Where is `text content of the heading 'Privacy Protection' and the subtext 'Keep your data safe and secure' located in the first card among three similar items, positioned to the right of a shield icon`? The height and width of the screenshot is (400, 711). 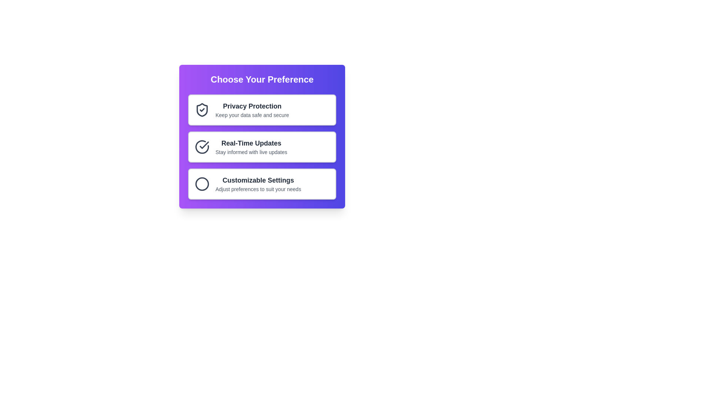
text content of the heading 'Privacy Protection' and the subtext 'Keep your data safe and secure' located in the first card among three similar items, positioned to the right of a shield icon is located at coordinates (252, 110).